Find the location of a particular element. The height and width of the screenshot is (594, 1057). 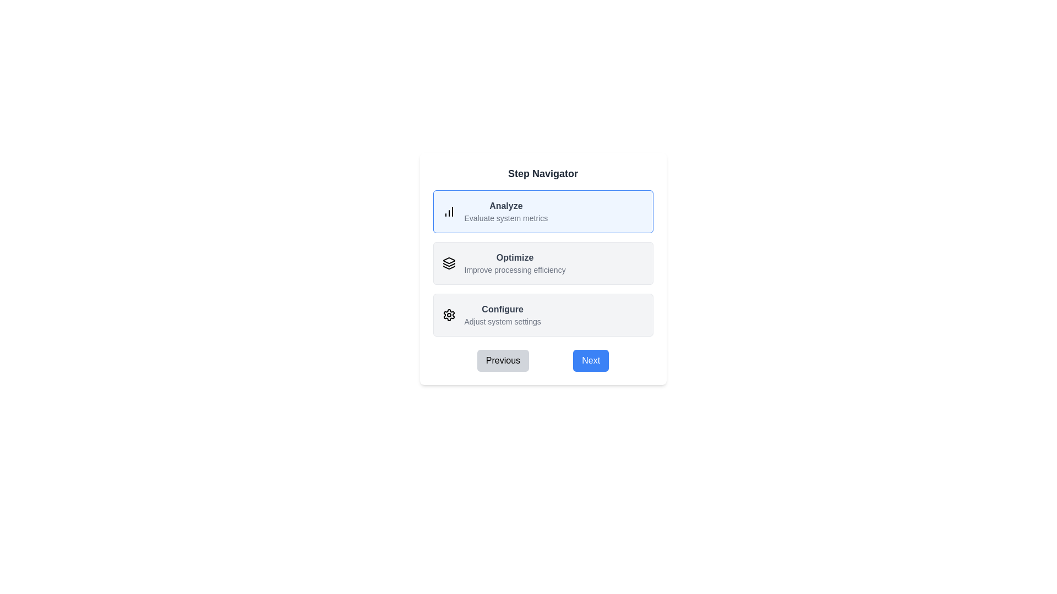

the gear icon associated with 'Configure Adjust system settings' in the Step Navigator section is located at coordinates (449, 315).